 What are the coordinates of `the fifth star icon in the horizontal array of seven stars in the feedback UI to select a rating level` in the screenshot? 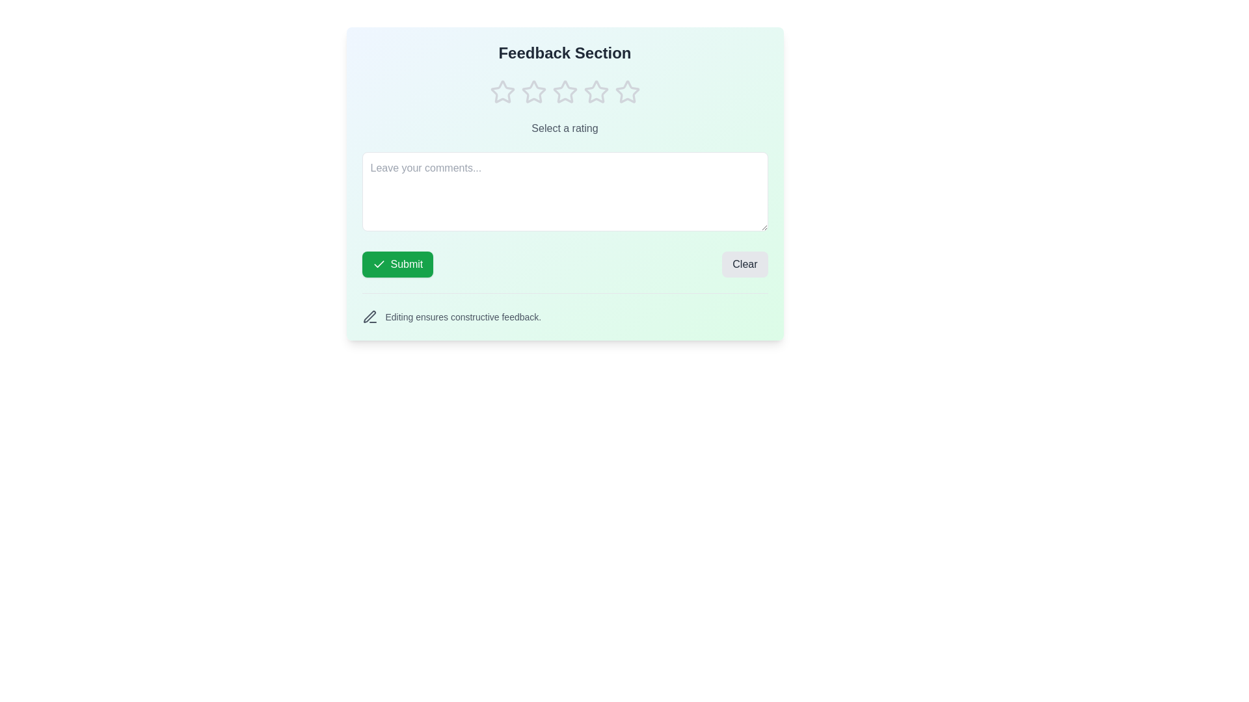 It's located at (595, 92).